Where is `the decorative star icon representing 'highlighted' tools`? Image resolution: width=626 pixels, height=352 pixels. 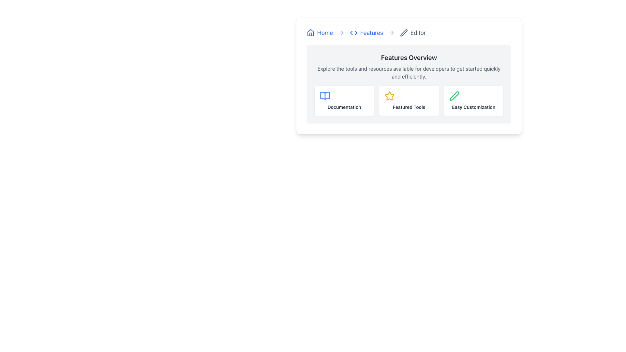
the decorative star icon representing 'highlighted' tools is located at coordinates (390, 96).